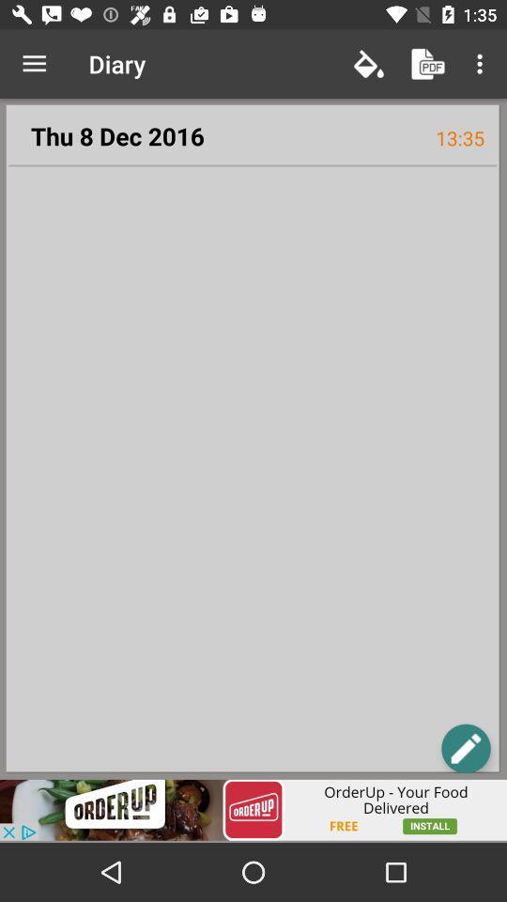 This screenshot has height=902, width=507. I want to click on edit text or create text, so click(465, 748).